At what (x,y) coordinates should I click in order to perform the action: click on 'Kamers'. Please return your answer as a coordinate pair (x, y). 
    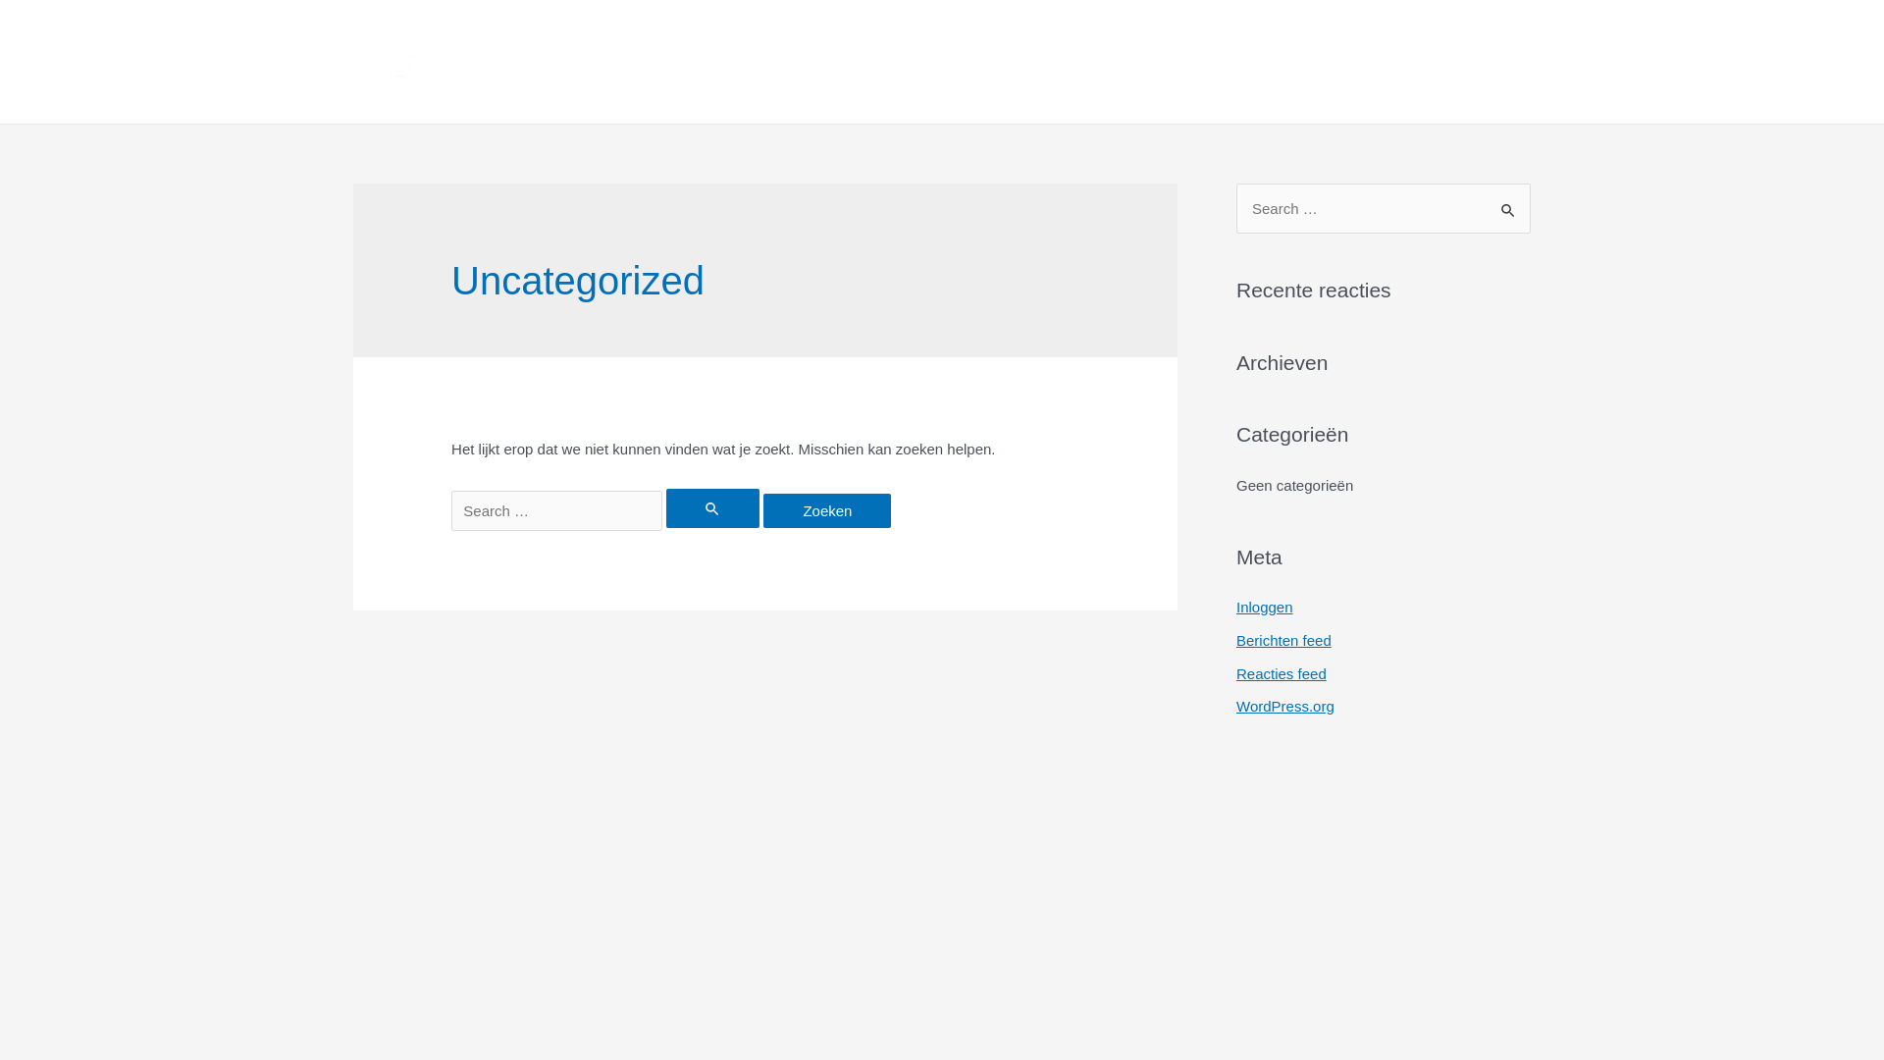
    Looking at the image, I should click on (634, 60).